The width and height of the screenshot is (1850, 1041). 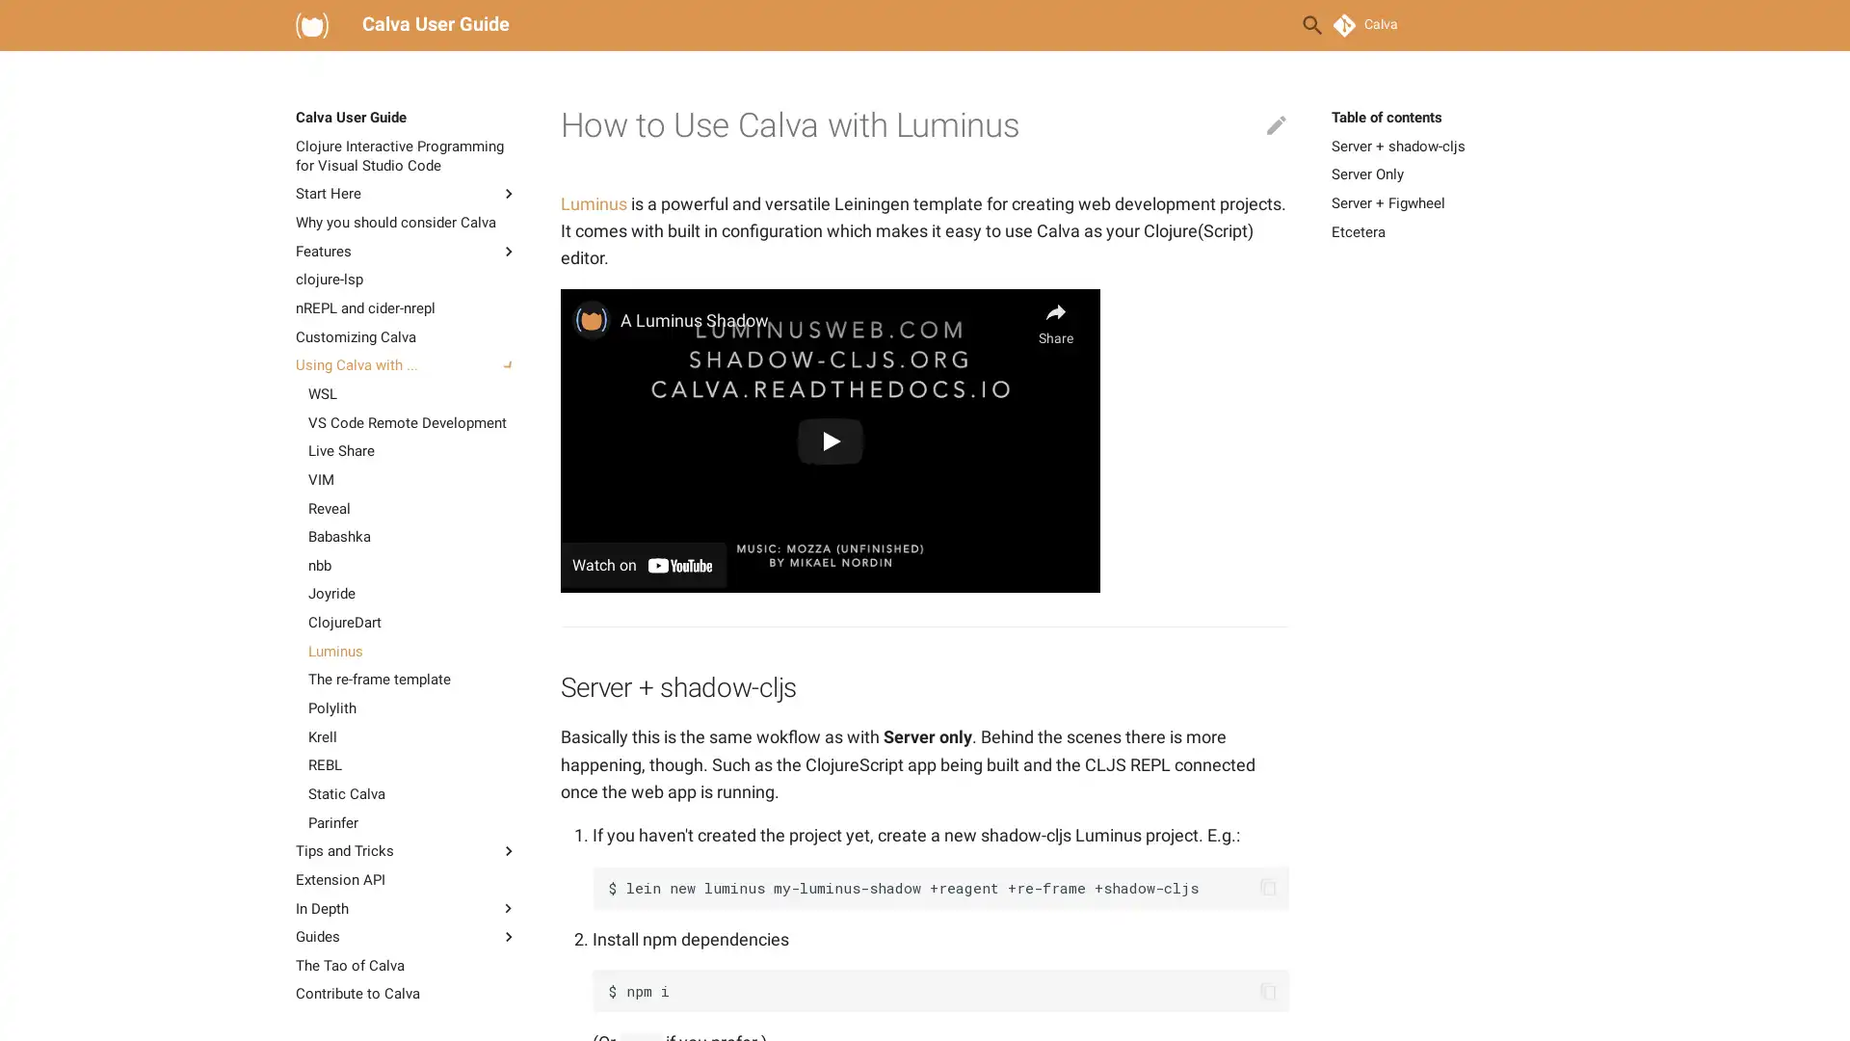 I want to click on Clear, so click(x=1266, y=25).